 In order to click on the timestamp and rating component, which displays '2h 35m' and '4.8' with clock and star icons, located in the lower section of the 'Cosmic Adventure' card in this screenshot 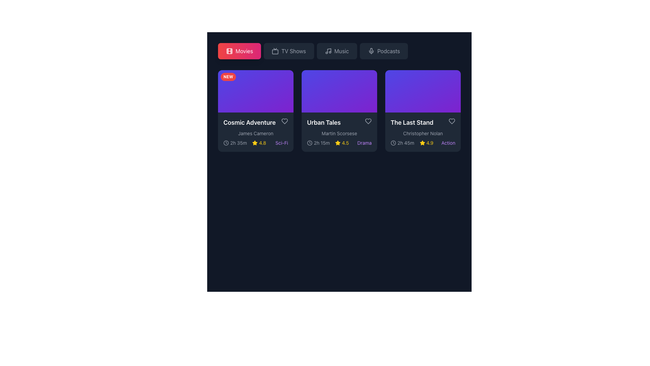, I will do `click(244, 143)`.